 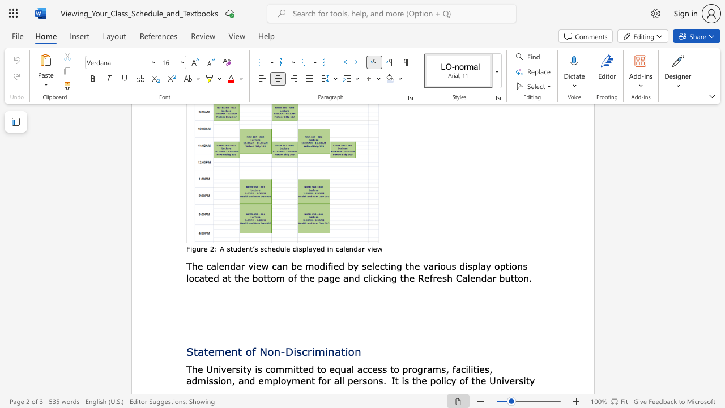 I want to click on the subset text "the various dis" within the text "by selecting the various display options", so click(x=405, y=266).